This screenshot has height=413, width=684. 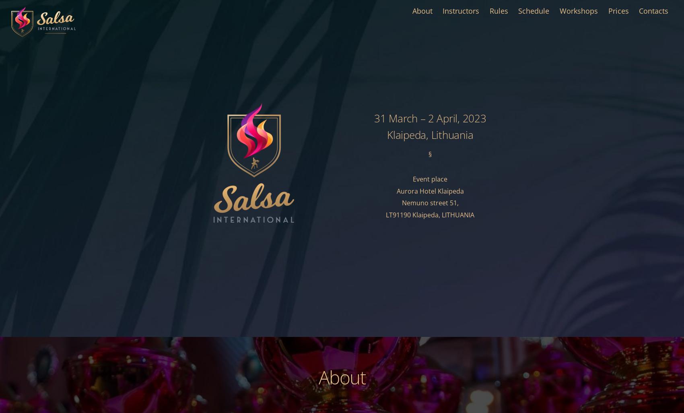 What do you see at coordinates (461, 10) in the screenshot?
I see `'Instructors'` at bounding box center [461, 10].